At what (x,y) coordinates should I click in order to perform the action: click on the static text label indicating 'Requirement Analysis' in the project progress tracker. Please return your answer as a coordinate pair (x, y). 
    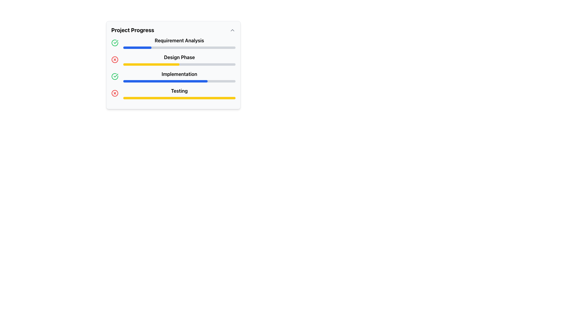
    Looking at the image, I should click on (179, 40).